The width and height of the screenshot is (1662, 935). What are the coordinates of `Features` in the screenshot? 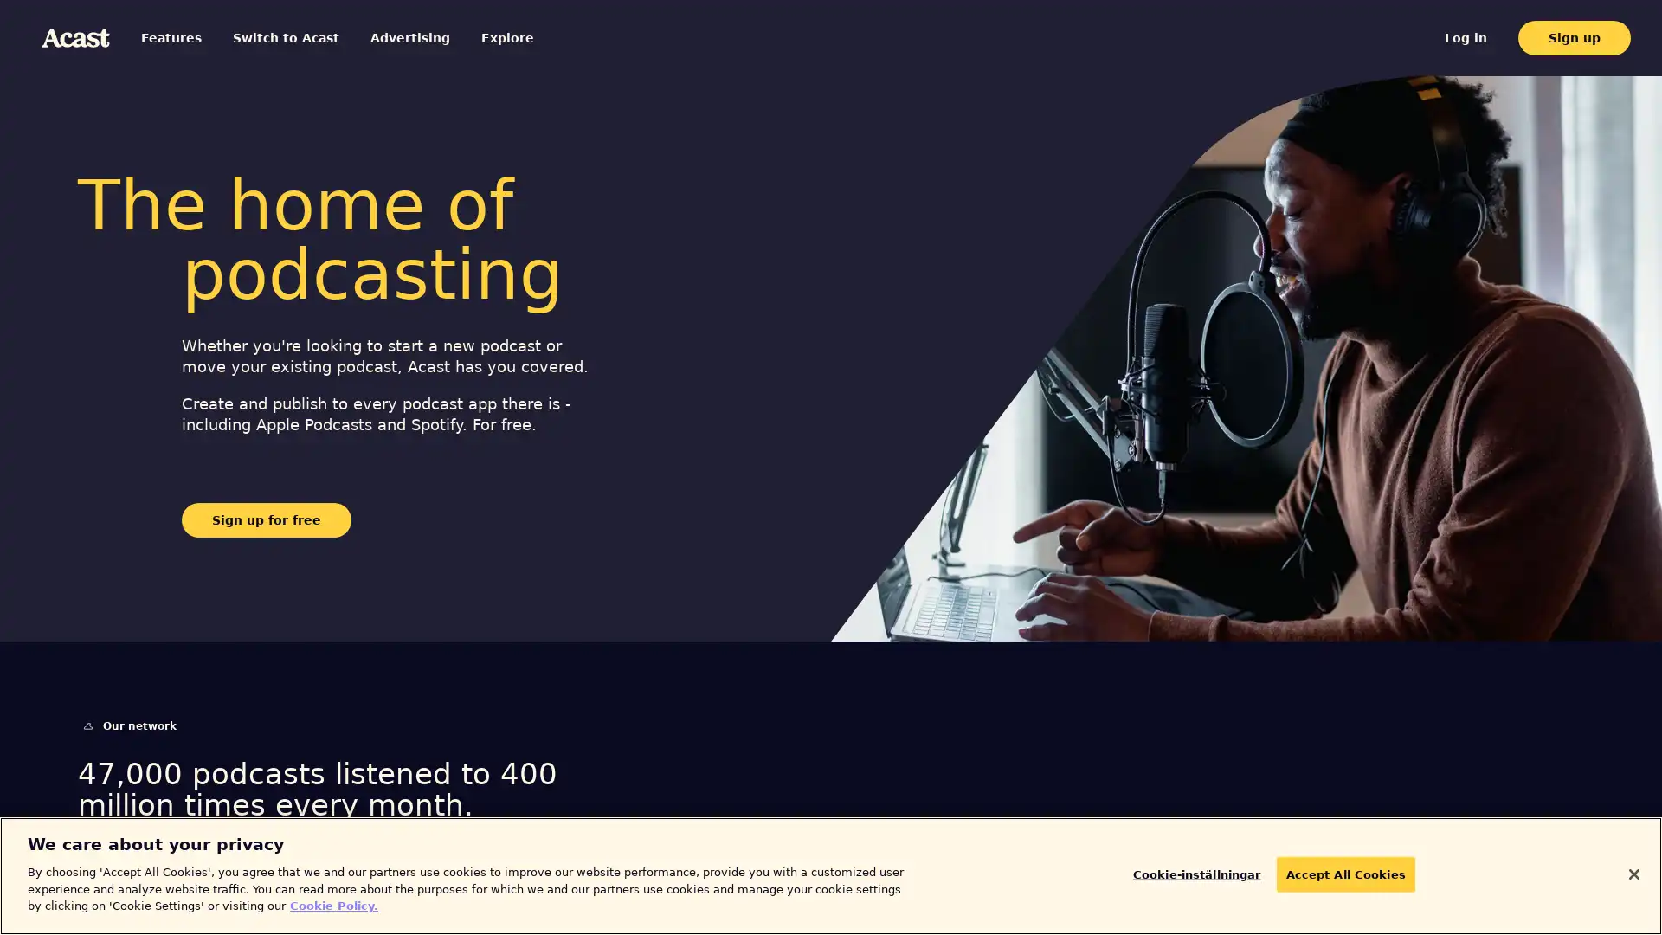 It's located at (174, 37).